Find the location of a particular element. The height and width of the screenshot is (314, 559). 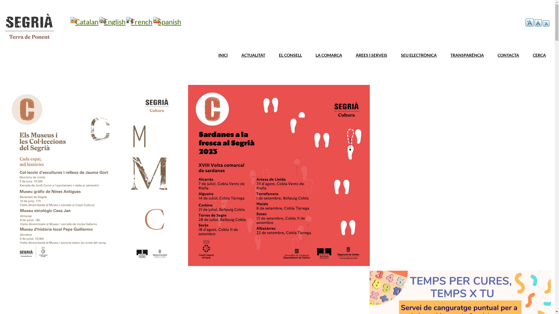

'EL CONSELL' is located at coordinates (290, 55).